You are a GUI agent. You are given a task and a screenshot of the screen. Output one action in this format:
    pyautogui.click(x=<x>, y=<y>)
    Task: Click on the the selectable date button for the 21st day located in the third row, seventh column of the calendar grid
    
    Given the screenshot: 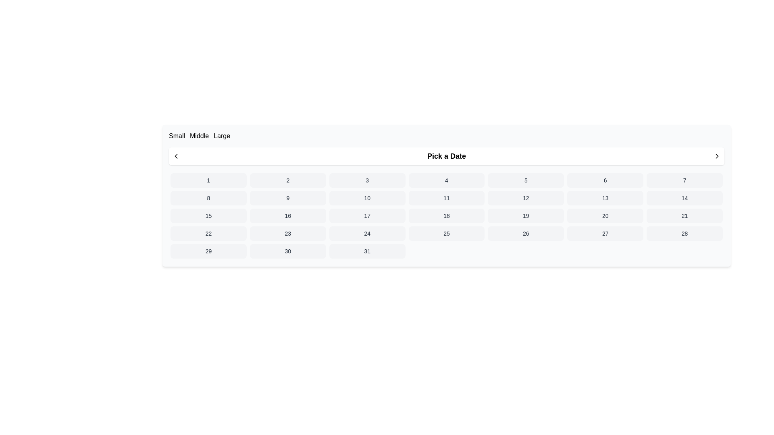 What is the action you would take?
    pyautogui.click(x=684, y=215)
    